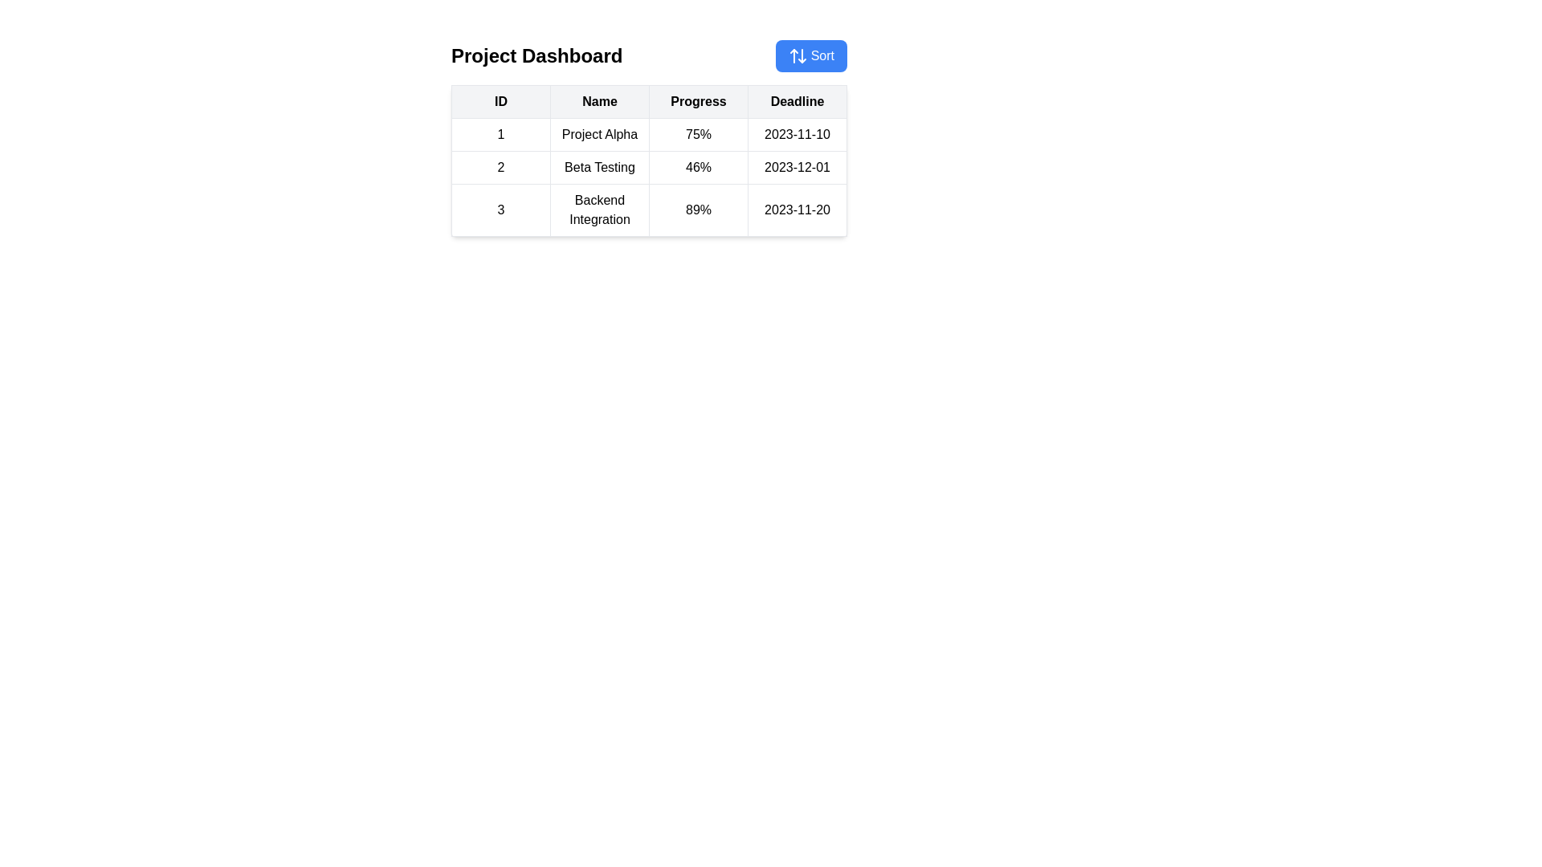  Describe the element at coordinates (798, 134) in the screenshot. I see `the static text displaying '2023-11-10' in the 'Deadline' column of the first row in the table, which is aligned to the right of the 'Progress' cell containing '75%' and corresponds to 'Project Alpha'` at that location.